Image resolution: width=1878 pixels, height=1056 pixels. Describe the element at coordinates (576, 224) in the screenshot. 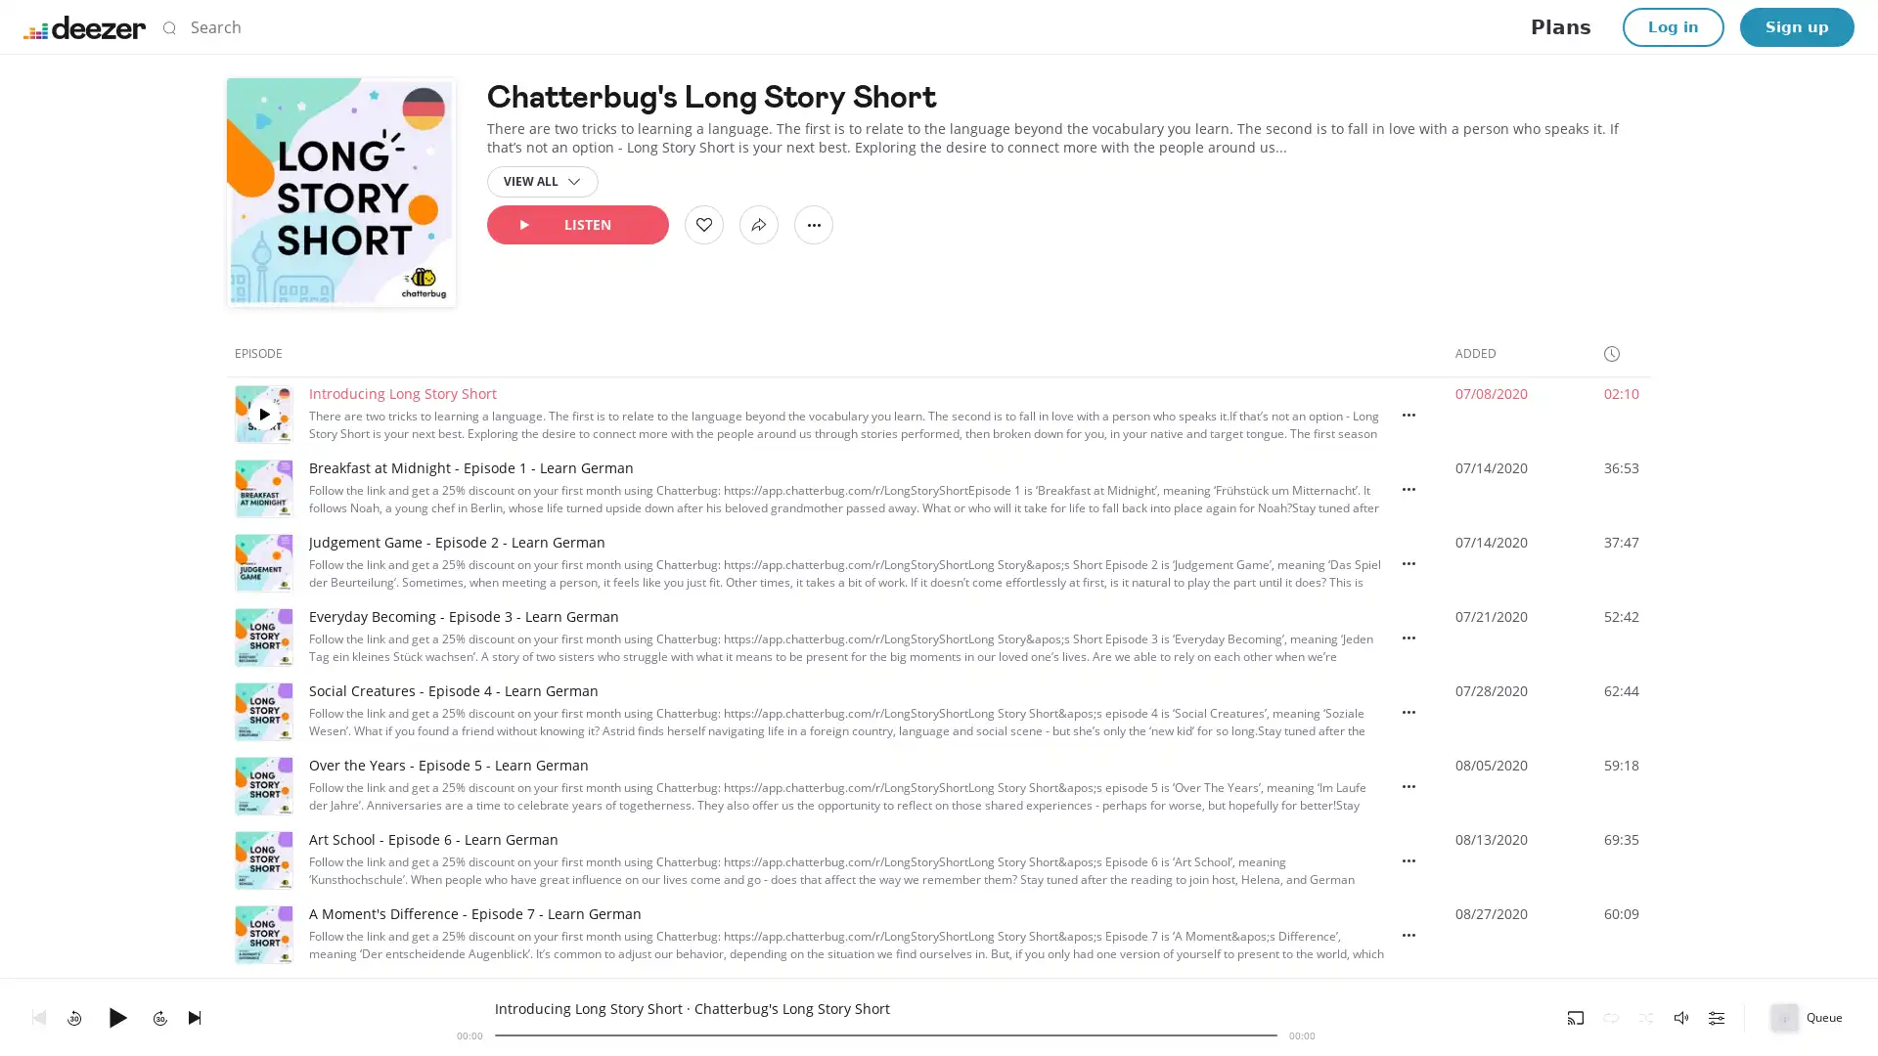

I see `LISTEN` at that location.